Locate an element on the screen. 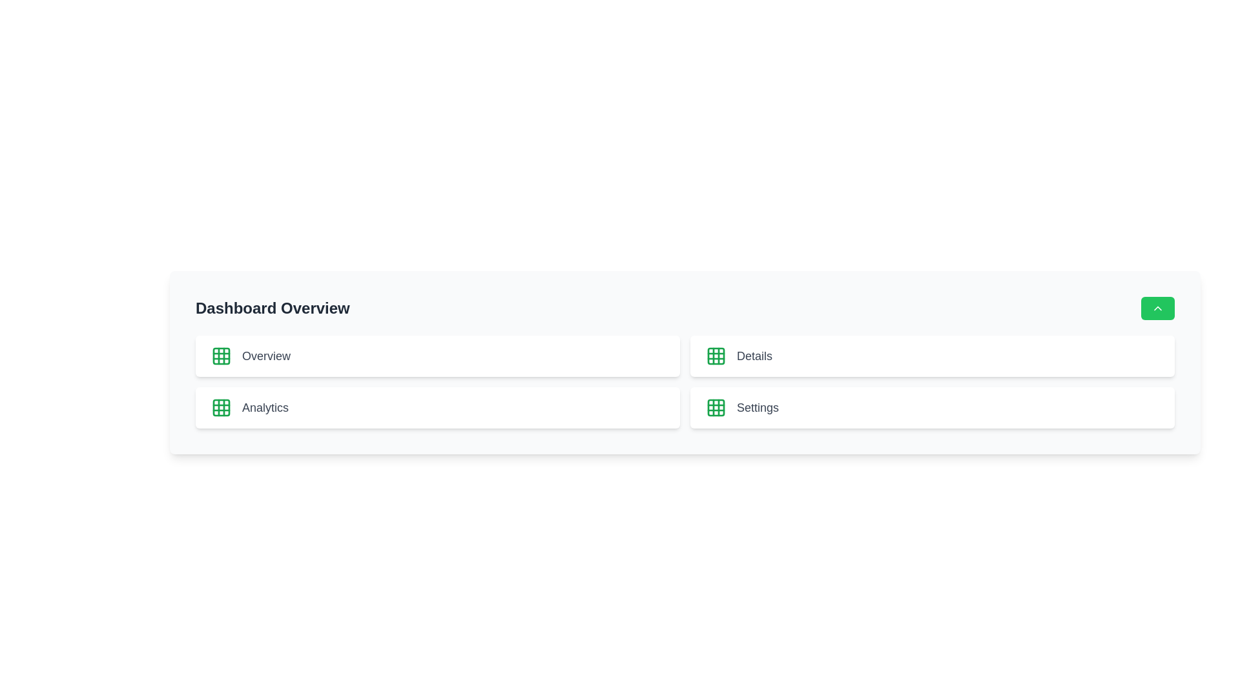 This screenshot has width=1240, height=697. the 'Overview' button, which is the first item in the grid layout and serves as a navigation interface is located at coordinates (437, 356).